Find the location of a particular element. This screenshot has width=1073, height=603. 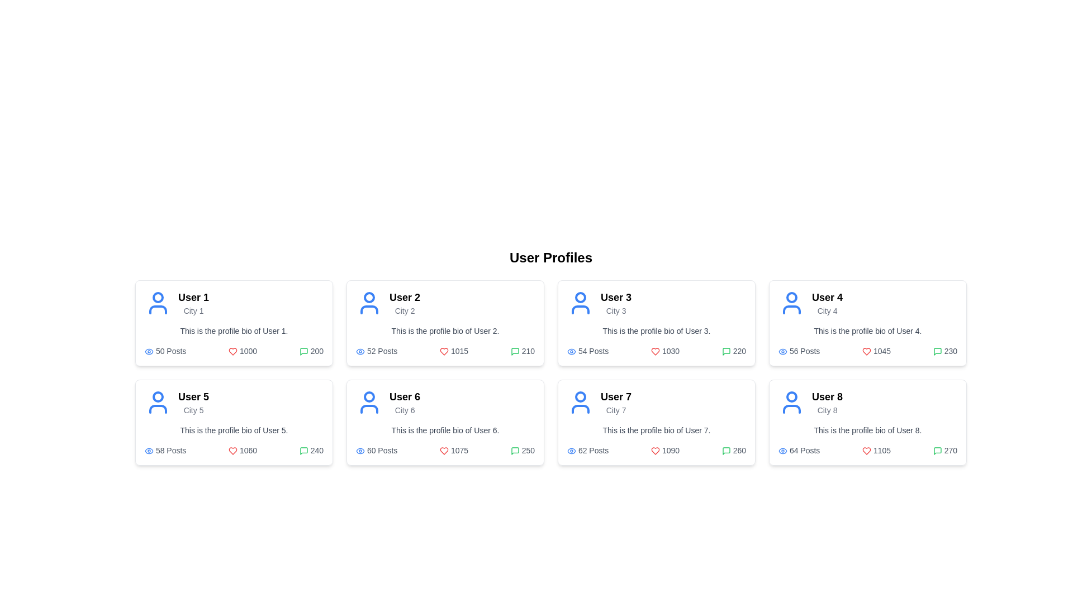

the text reading 'This is the profile bio of User 1.' which is located in the user profile card beneath the user's name and city information is located at coordinates (233, 331).